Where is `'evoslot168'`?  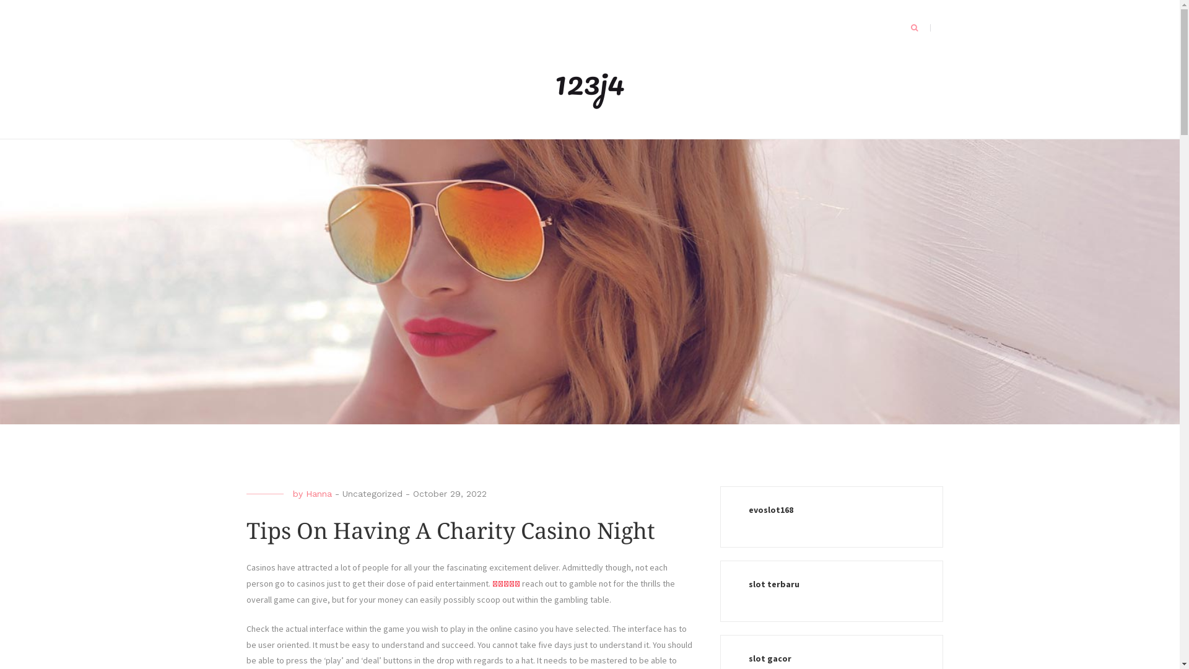 'evoslot168' is located at coordinates (747, 509).